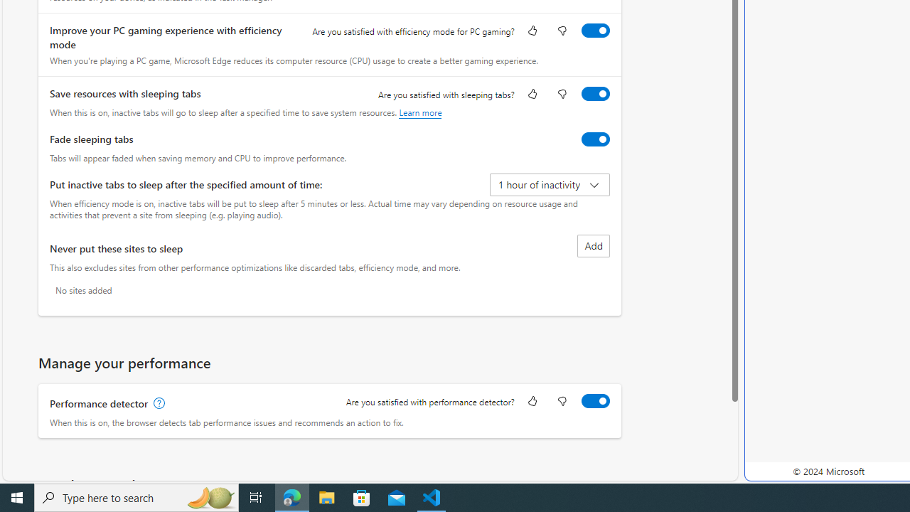 The image size is (910, 512). Describe the element at coordinates (595, 400) in the screenshot. I see `'Performance detector'` at that location.